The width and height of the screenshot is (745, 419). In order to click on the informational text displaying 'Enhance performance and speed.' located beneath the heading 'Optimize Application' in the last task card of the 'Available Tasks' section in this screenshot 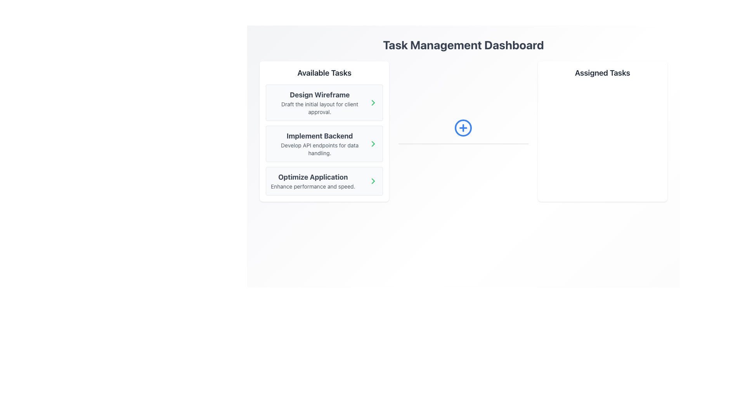, I will do `click(313, 187)`.